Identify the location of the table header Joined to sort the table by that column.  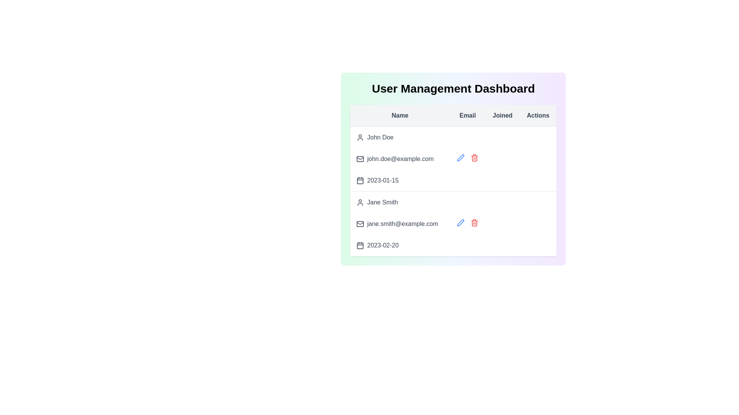
(502, 115).